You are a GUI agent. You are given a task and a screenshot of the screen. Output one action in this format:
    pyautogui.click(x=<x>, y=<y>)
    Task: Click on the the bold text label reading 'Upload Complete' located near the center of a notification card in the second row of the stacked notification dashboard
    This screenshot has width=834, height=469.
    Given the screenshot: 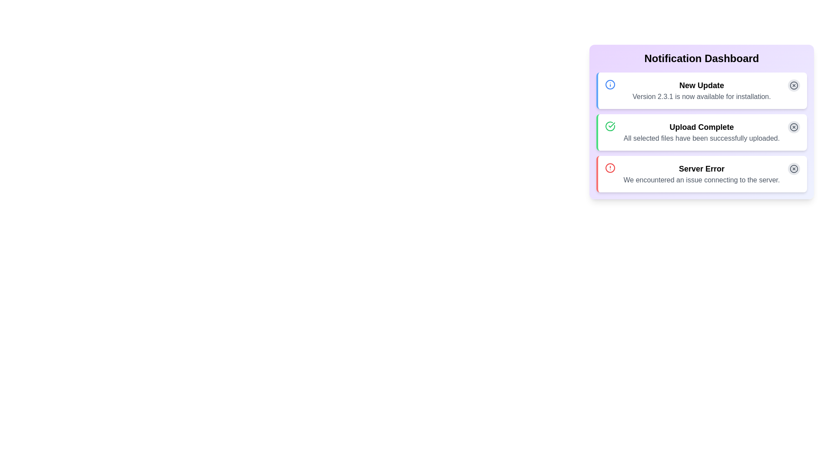 What is the action you would take?
    pyautogui.click(x=702, y=127)
    